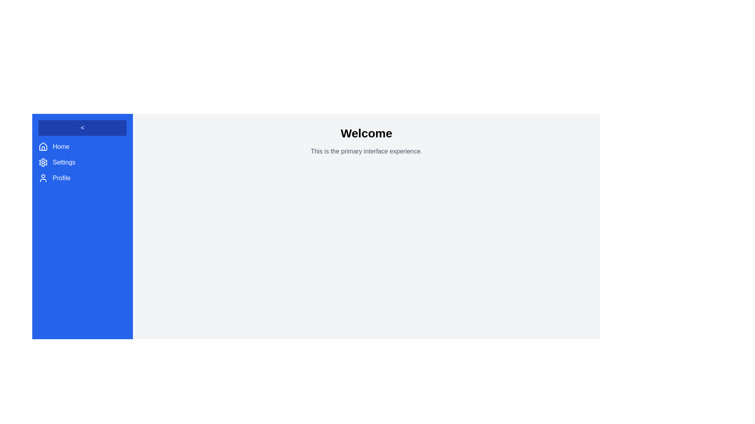 This screenshot has width=755, height=424. What do you see at coordinates (43, 162) in the screenshot?
I see `the 'Settings' icon located in the vertical navigation menu` at bounding box center [43, 162].